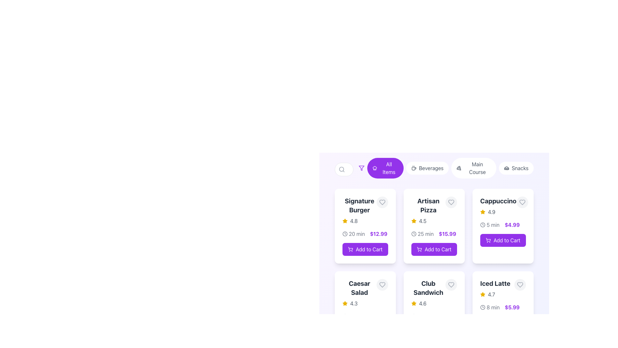 This screenshot has width=618, height=348. I want to click on the preparation time indicator icon for the 'Signature Burger', located at the top-left corner of the card, near the text '20 min', so click(344, 234).